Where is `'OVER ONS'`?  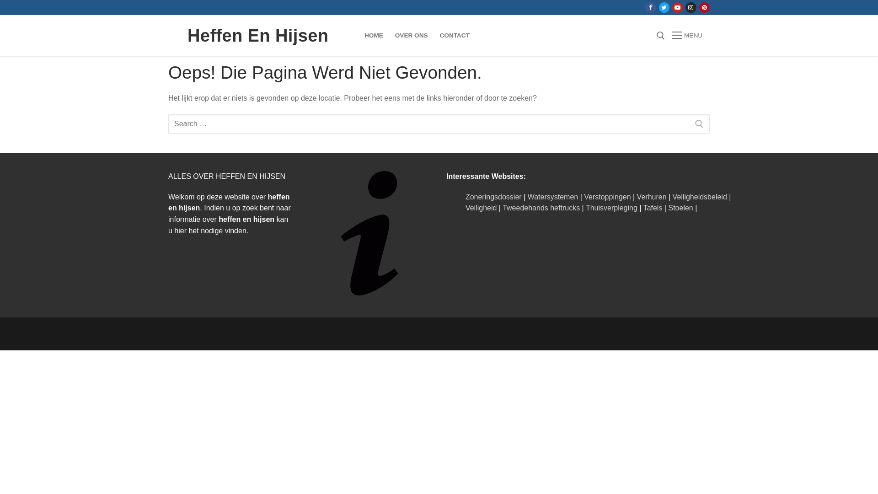 'OVER ONS' is located at coordinates (411, 35).